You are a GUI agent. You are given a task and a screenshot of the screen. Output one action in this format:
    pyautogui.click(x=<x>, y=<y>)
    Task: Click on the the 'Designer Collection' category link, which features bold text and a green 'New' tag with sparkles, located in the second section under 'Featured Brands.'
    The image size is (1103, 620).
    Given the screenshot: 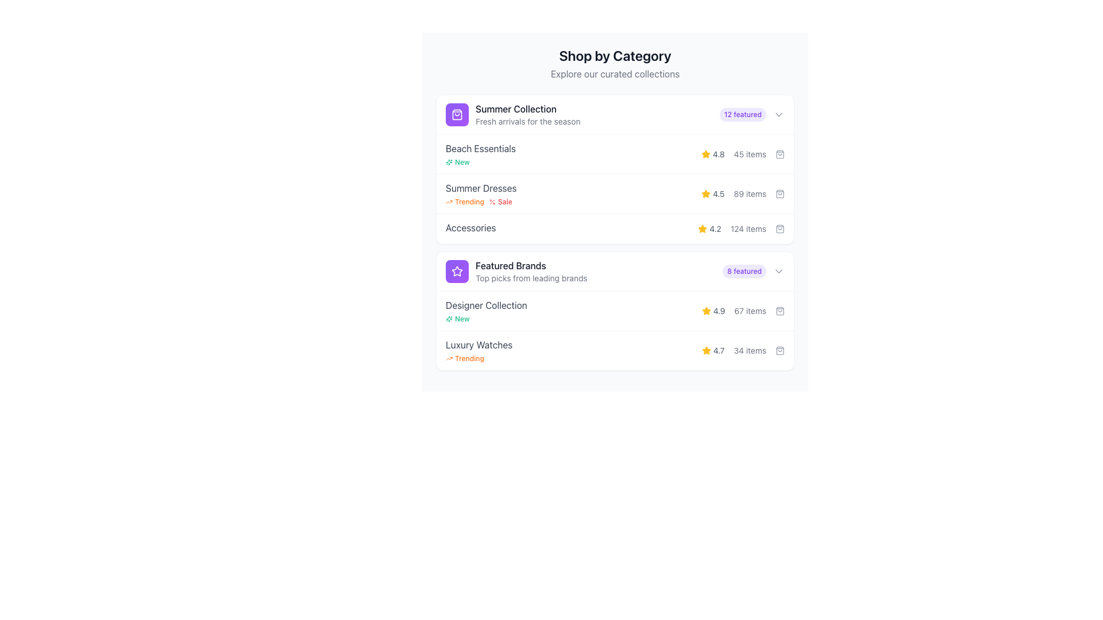 What is the action you would take?
    pyautogui.click(x=486, y=311)
    